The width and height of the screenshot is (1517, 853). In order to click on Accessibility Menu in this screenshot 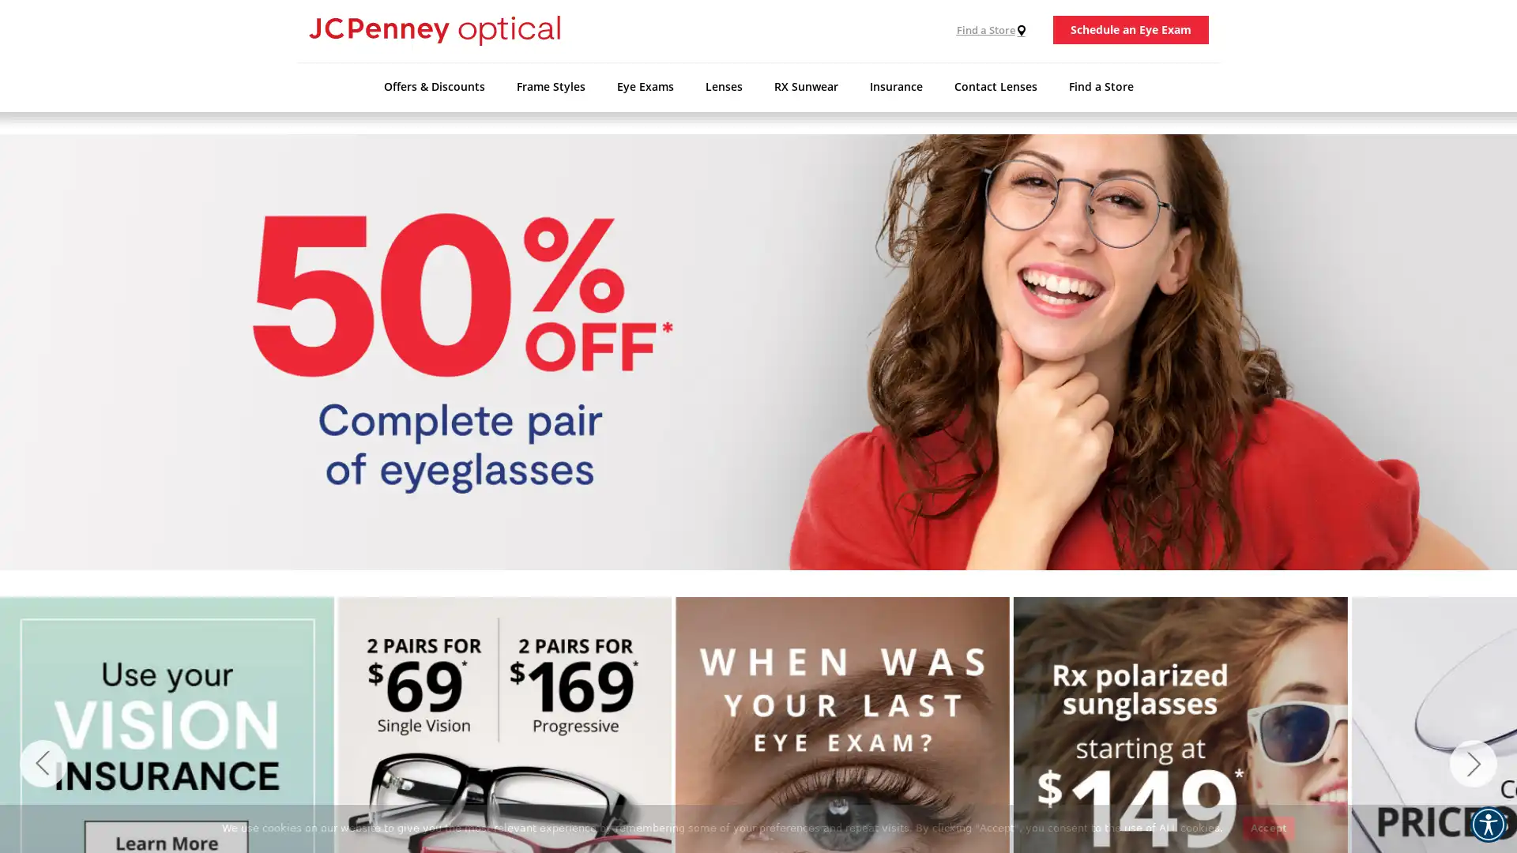, I will do `click(1487, 824)`.